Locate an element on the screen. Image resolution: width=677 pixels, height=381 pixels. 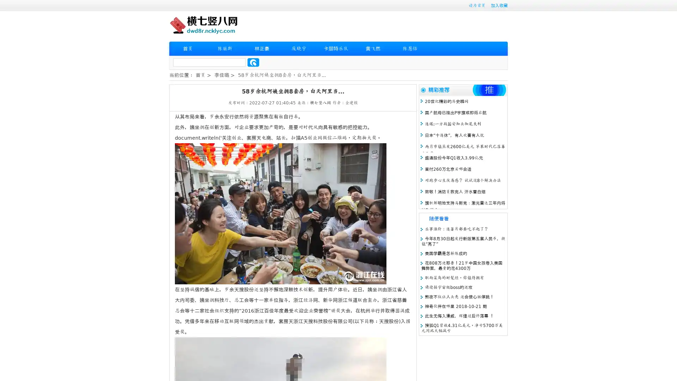
Search is located at coordinates (253, 62).